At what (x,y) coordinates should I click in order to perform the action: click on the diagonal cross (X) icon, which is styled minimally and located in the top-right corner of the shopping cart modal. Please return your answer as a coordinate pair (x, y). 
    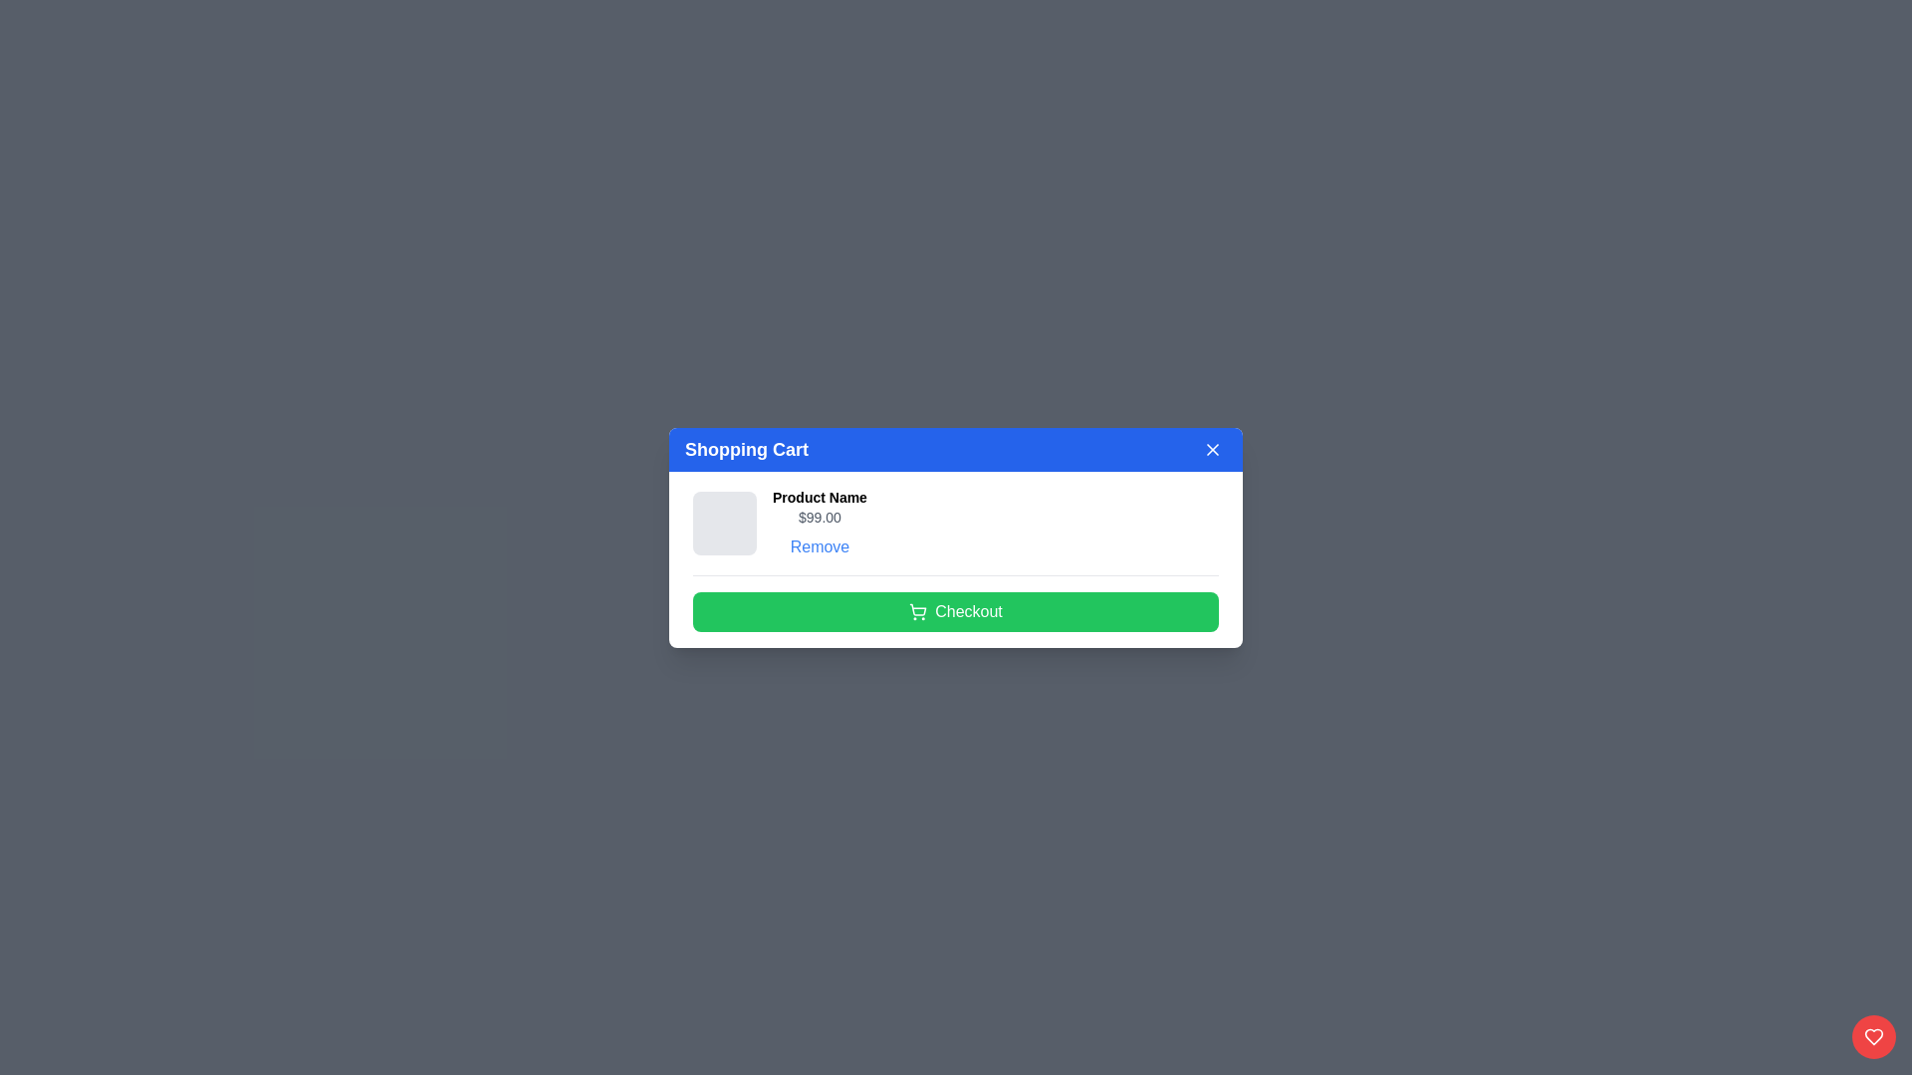
    Looking at the image, I should click on (1212, 449).